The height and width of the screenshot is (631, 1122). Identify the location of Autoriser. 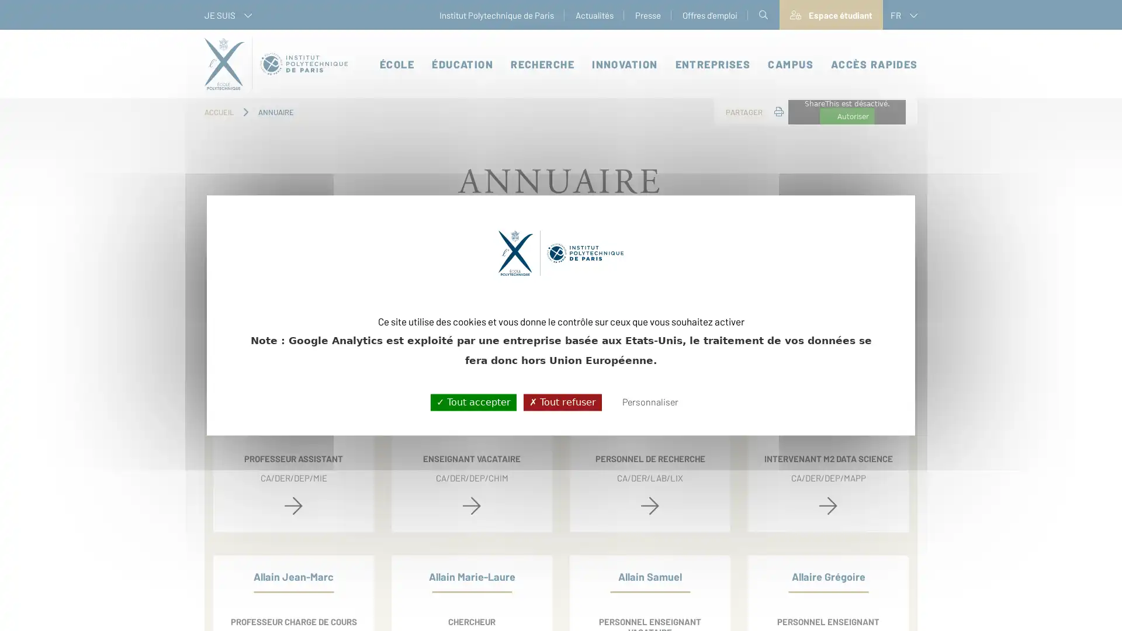
(847, 116).